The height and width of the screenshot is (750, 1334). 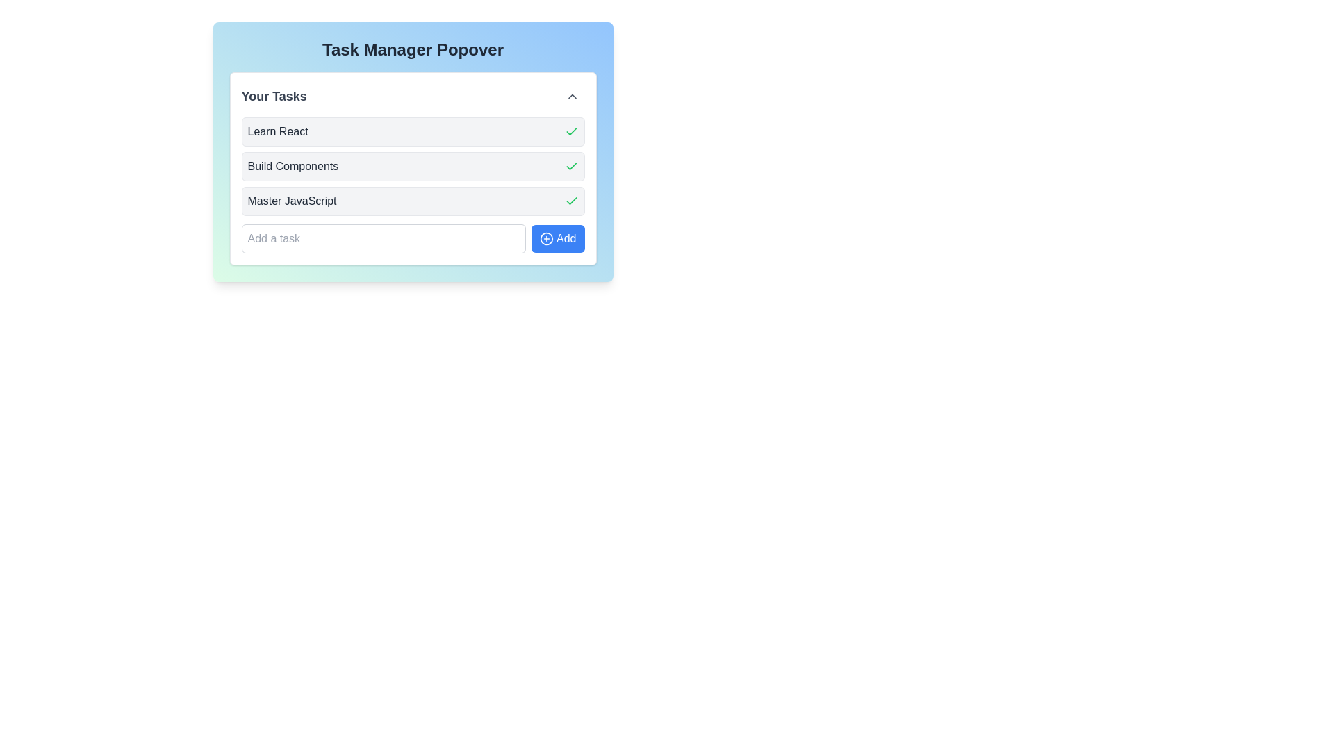 I want to click on the text label displaying the second task in the task management application, so click(x=292, y=165).